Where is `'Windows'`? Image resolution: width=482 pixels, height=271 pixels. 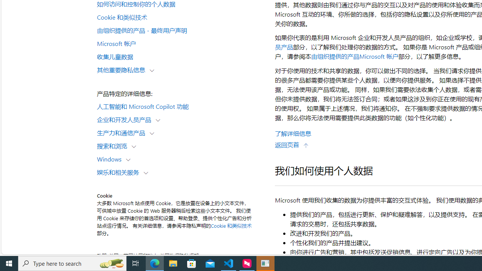 'Windows' is located at coordinates (111, 158).